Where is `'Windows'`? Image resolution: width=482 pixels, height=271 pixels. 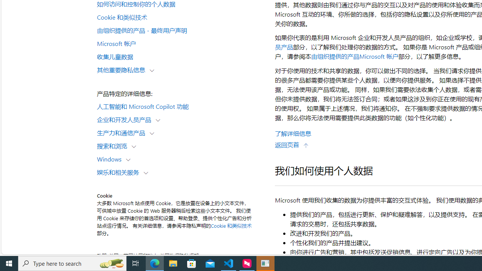 'Windows' is located at coordinates (111, 158).